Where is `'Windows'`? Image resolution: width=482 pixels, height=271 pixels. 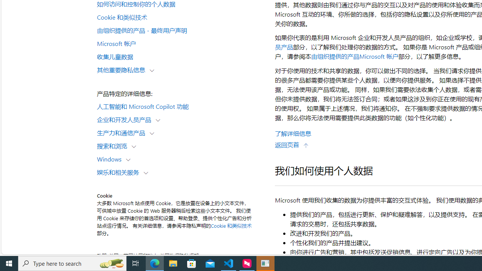 'Windows' is located at coordinates (111, 158).